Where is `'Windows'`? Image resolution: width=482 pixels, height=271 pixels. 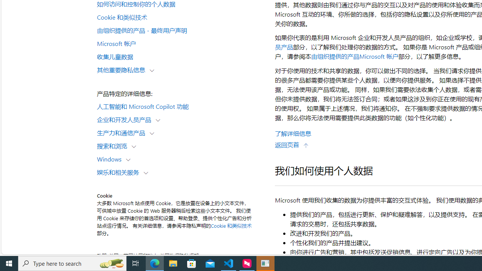 'Windows' is located at coordinates (111, 158).